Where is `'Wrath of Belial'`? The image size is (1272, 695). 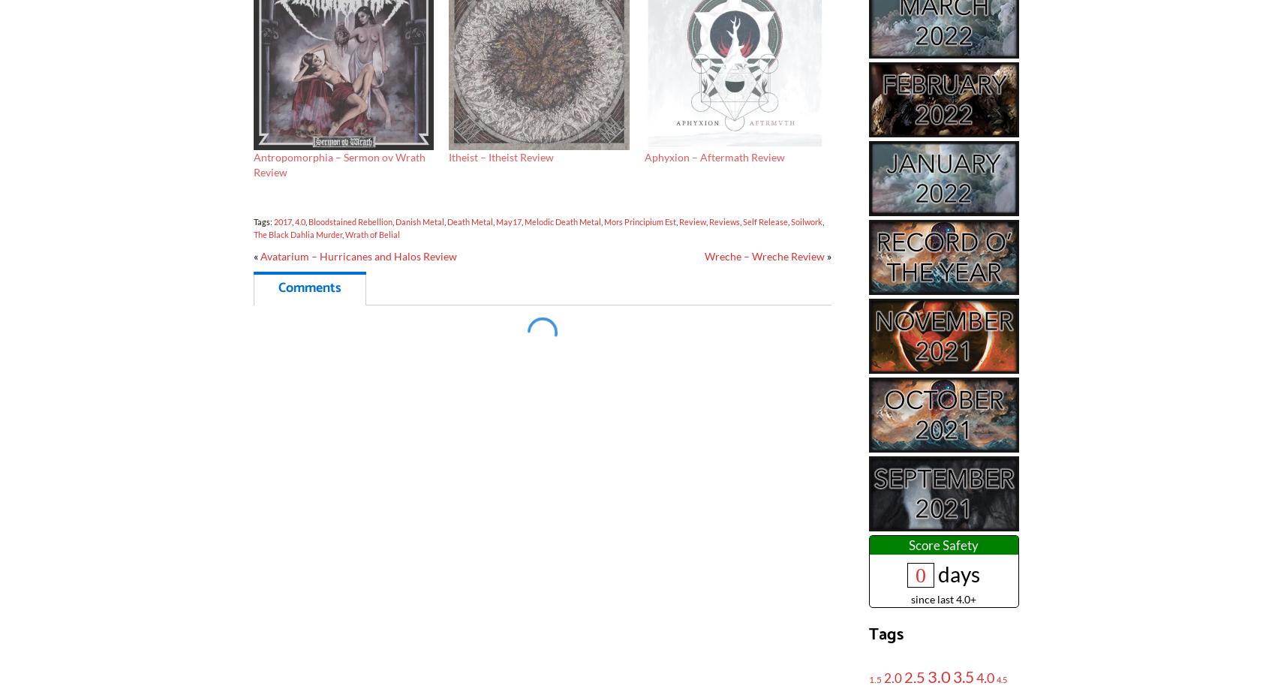
'Wrath of Belial' is located at coordinates (371, 233).